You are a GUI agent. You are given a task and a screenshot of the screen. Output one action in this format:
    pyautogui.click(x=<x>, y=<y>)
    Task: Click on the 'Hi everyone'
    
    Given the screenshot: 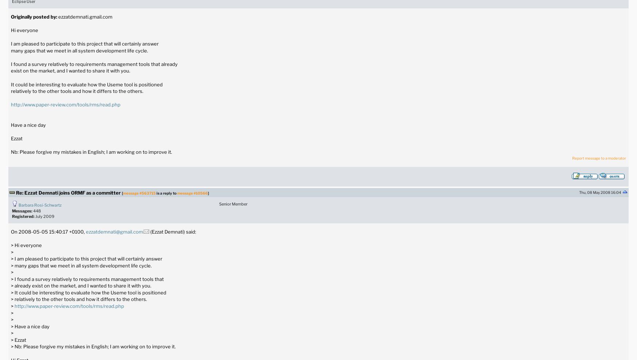 What is the action you would take?
    pyautogui.click(x=24, y=30)
    